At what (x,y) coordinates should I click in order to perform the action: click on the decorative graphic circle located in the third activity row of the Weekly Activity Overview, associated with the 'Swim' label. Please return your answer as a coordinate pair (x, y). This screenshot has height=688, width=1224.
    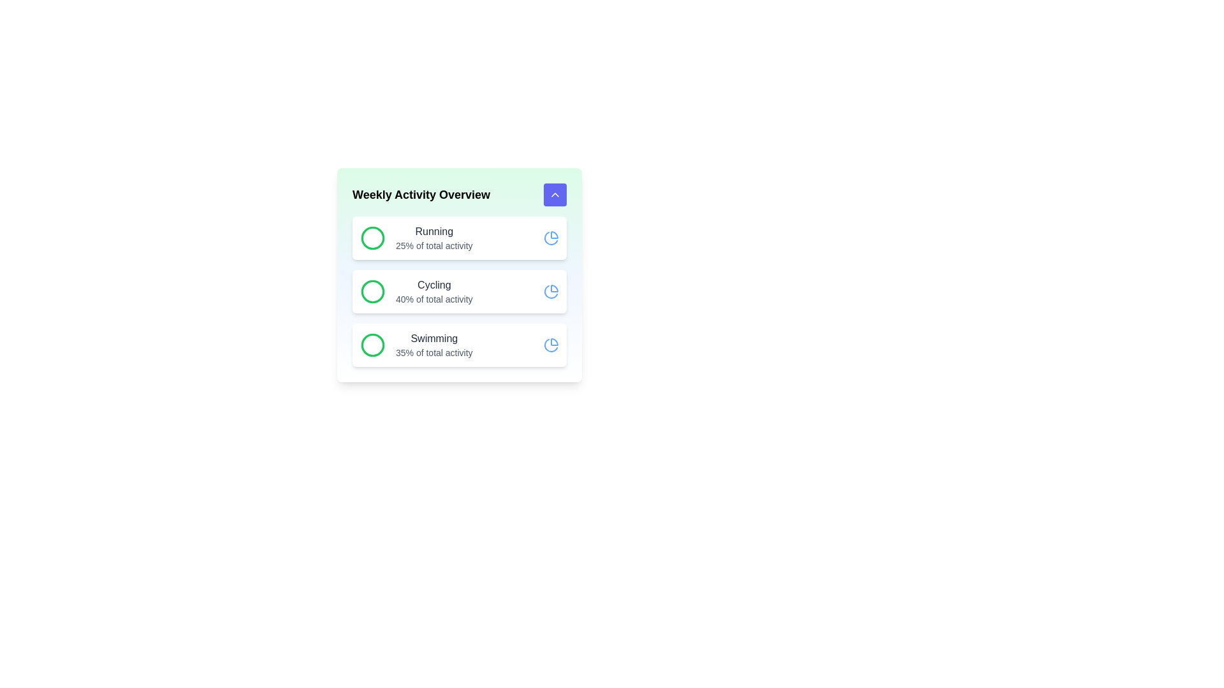
    Looking at the image, I should click on (372, 345).